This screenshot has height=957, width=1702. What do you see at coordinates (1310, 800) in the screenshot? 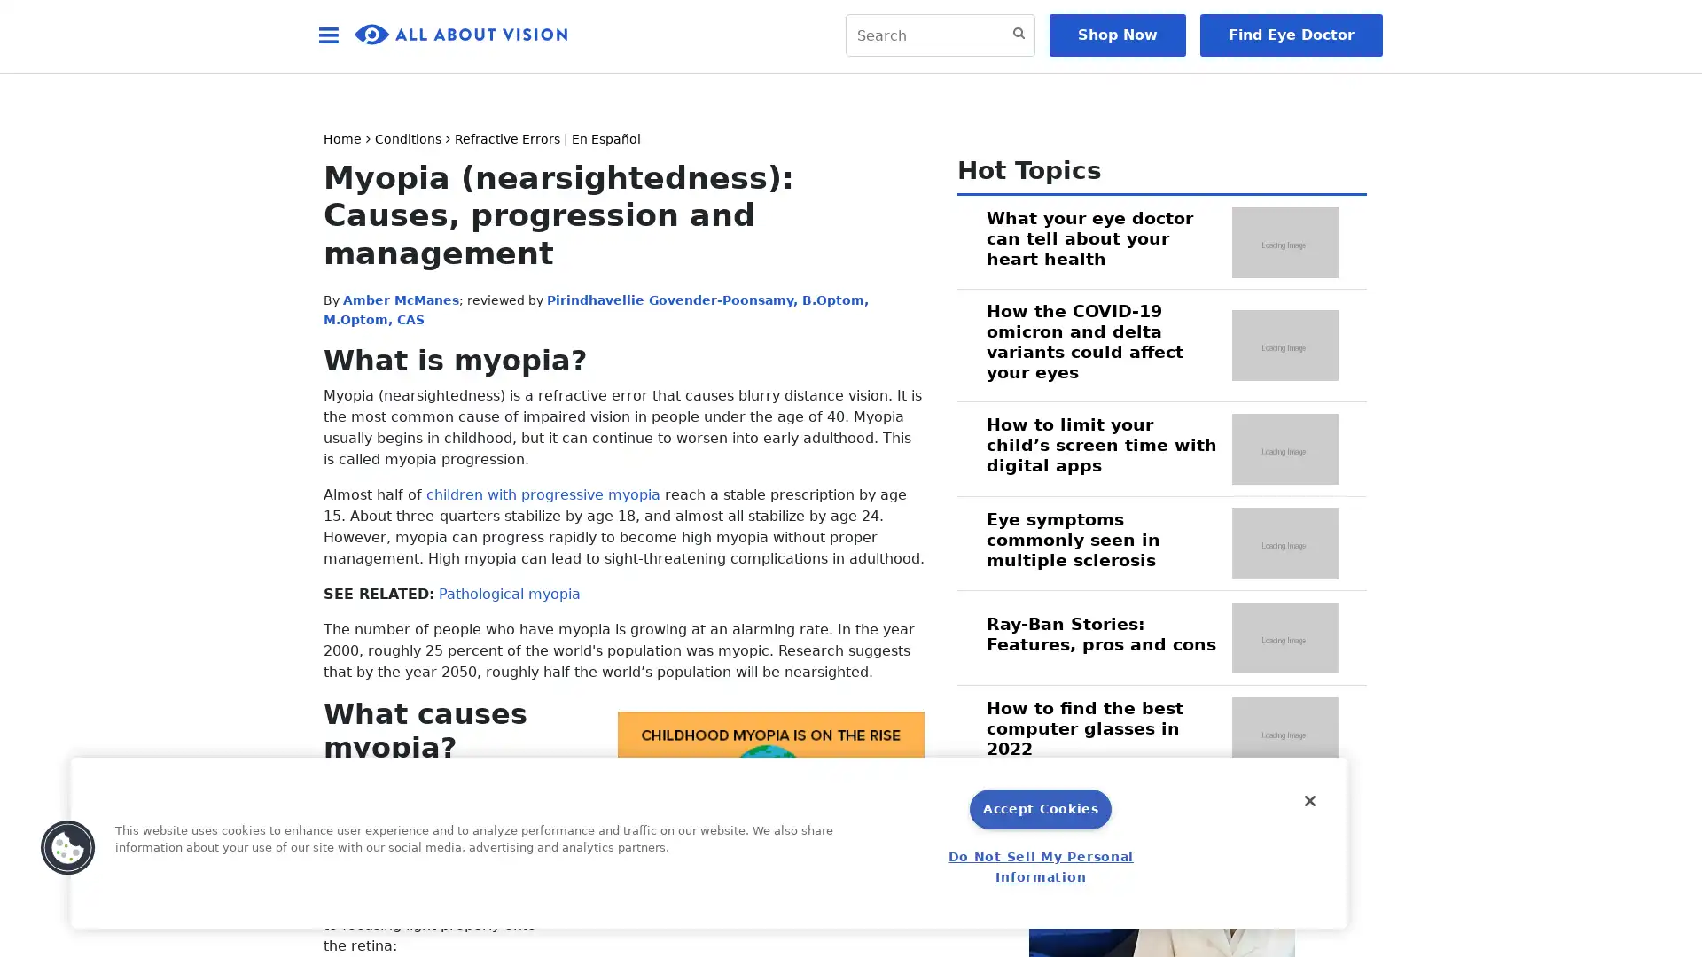
I see `Close` at bounding box center [1310, 800].